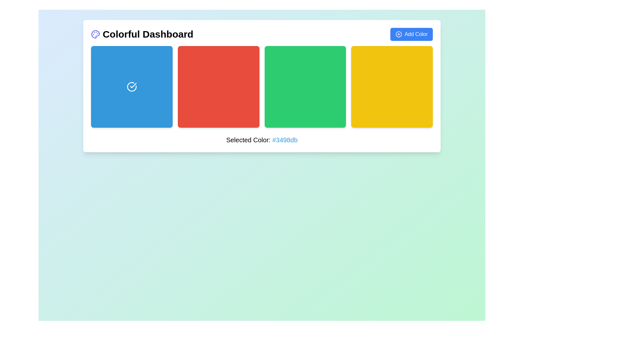 The image size is (622, 350). What do you see at coordinates (218, 86) in the screenshot?
I see `the second button in a row of four square boxes, which is associated with the color red` at bounding box center [218, 86].